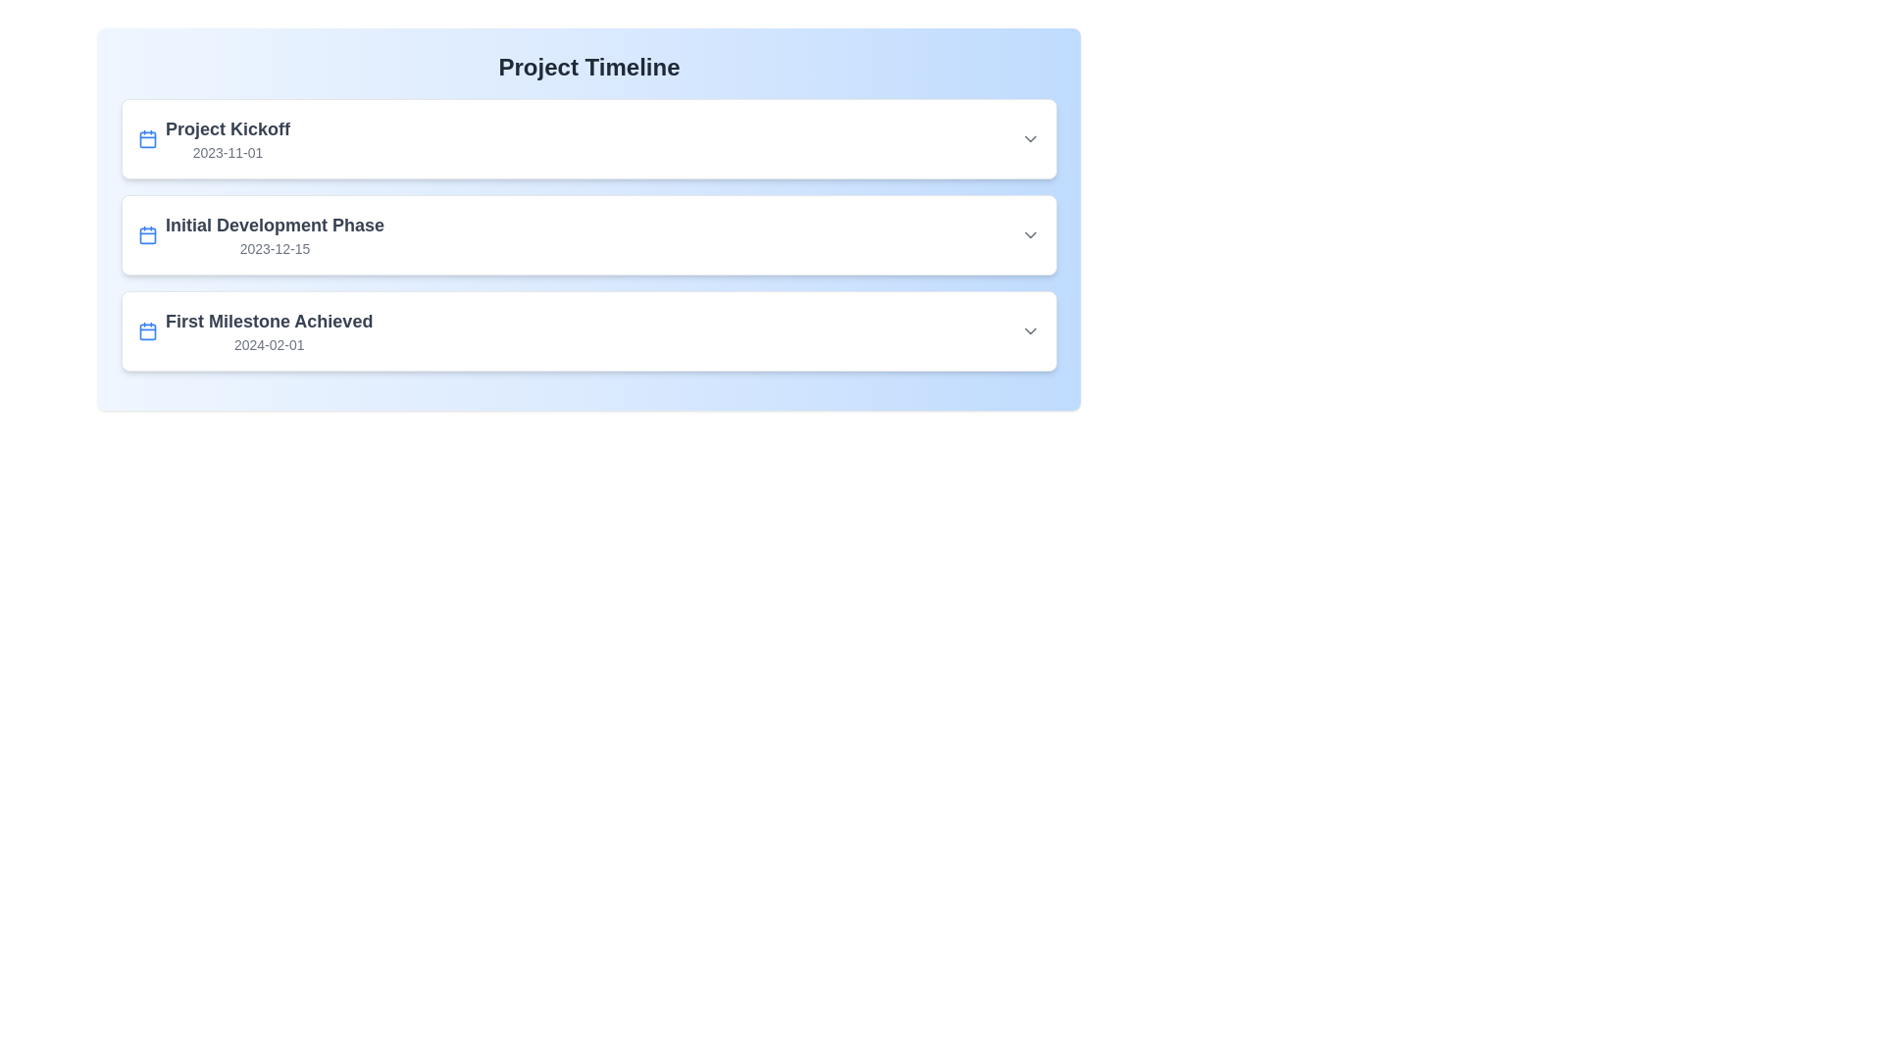 Image resolution: width=1883 pixels, height=1059 pixels. I want to click on the first calendar icon associated with 'Project Kickoff 2023-11-01' as static visual information, so click(146, 138).